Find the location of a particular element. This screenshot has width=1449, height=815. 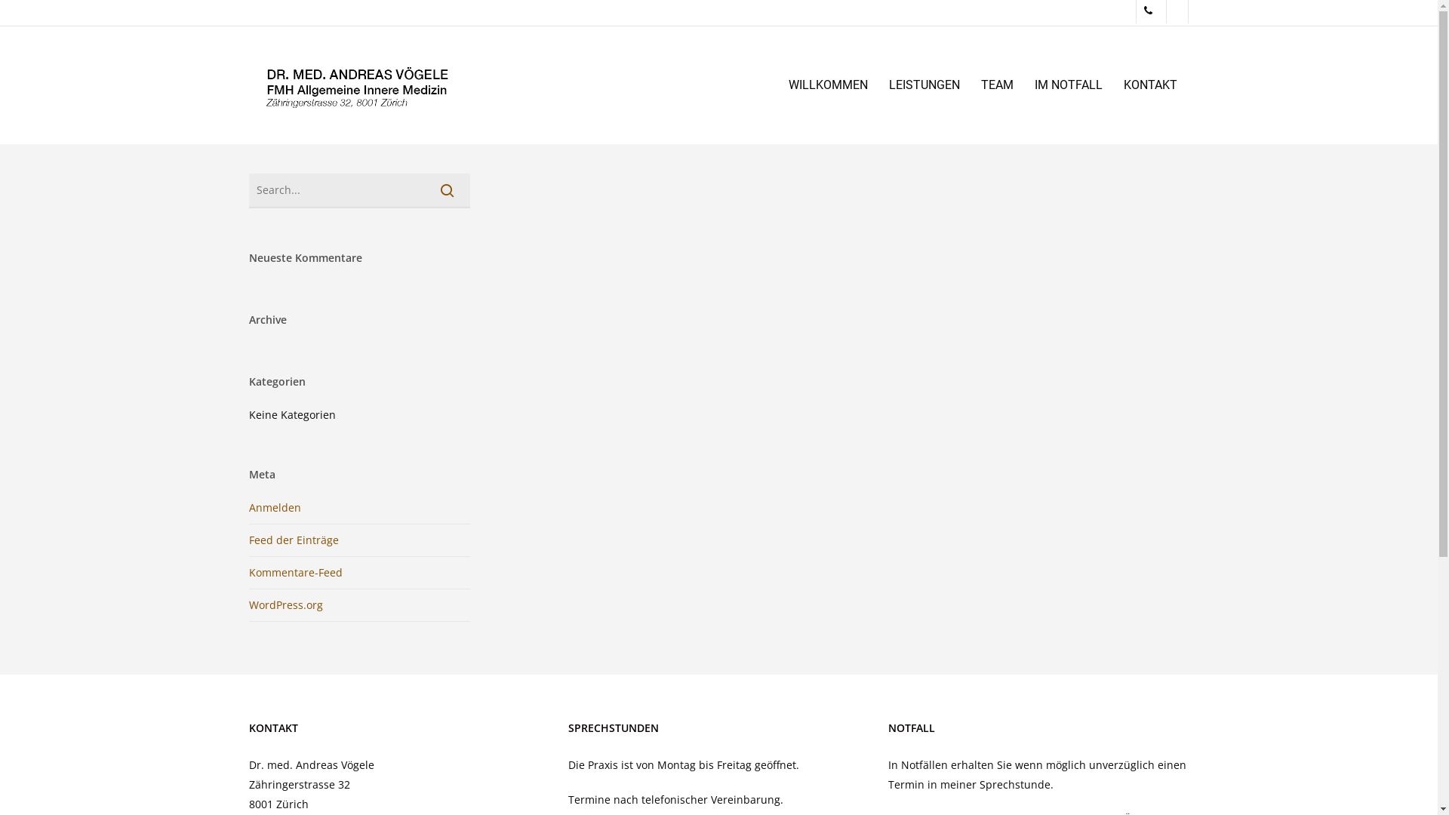

'TEAM' is located at coordinates (997, 85).